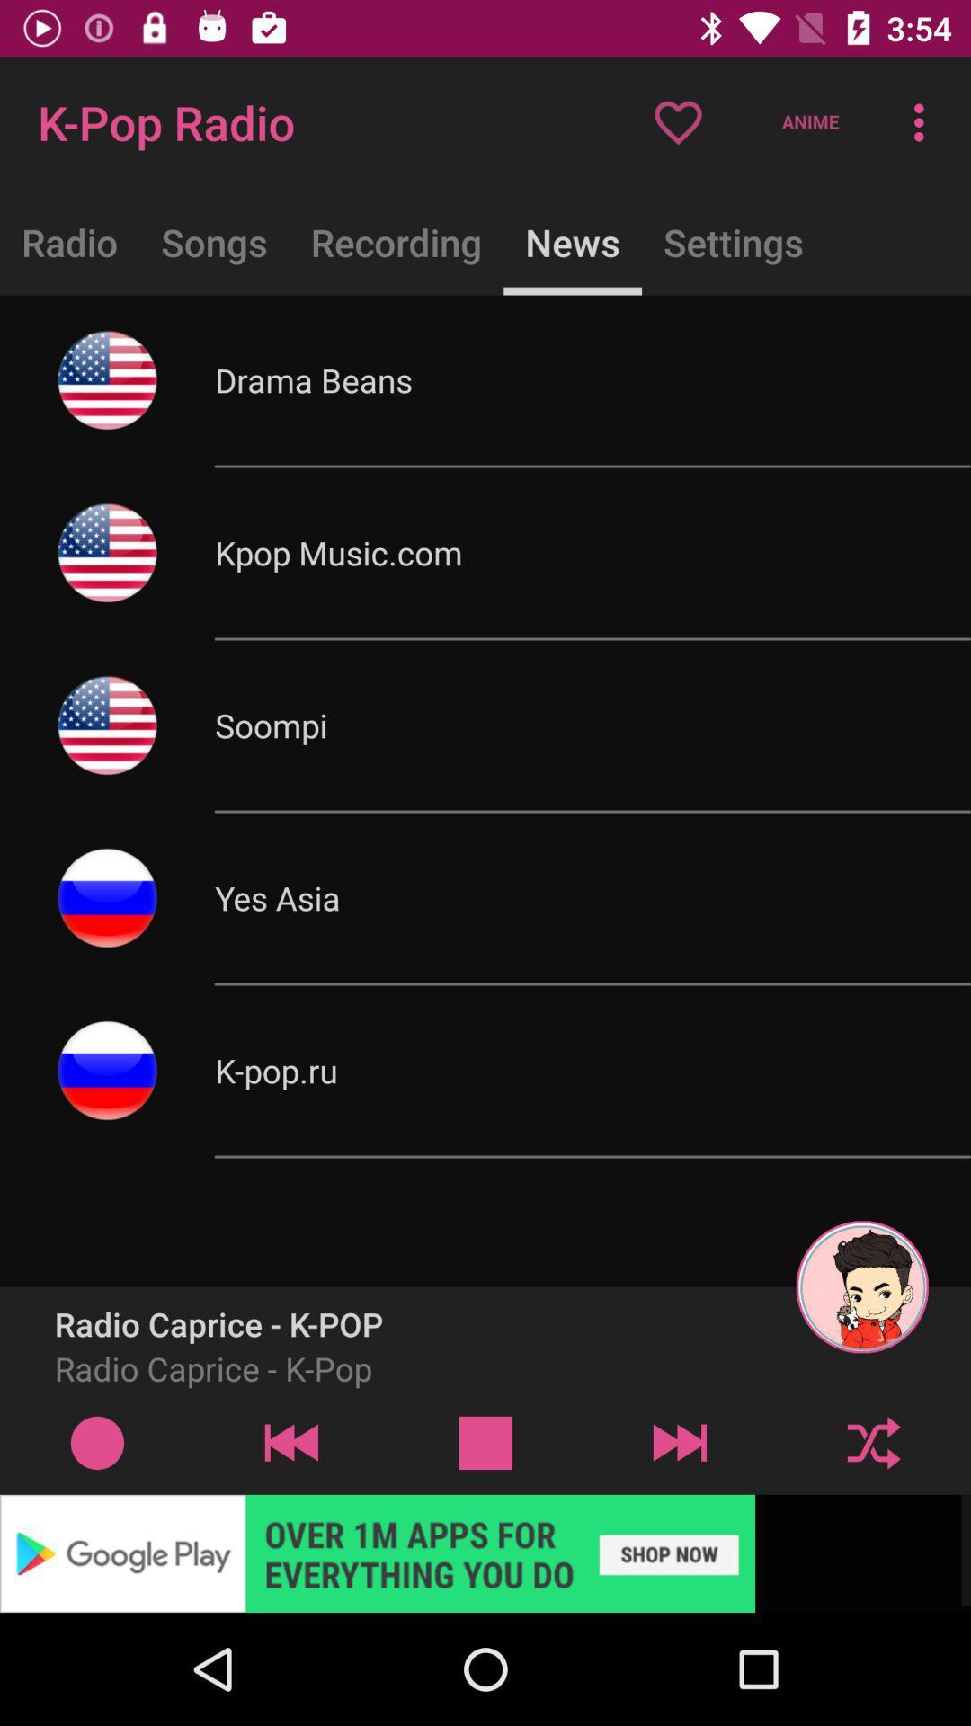 This screenshot has width=971, height=1726. I want to click on previous music, so click(290, 1442).